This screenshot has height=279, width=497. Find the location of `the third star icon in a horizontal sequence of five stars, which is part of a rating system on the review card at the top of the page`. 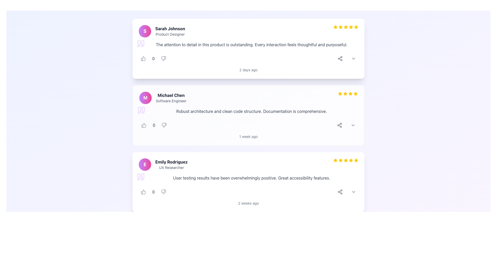

the third star icon in a horizontal sequence of five stars, which is part of a rating system on the review card at the top of the page is located at coordinates (340, 27).